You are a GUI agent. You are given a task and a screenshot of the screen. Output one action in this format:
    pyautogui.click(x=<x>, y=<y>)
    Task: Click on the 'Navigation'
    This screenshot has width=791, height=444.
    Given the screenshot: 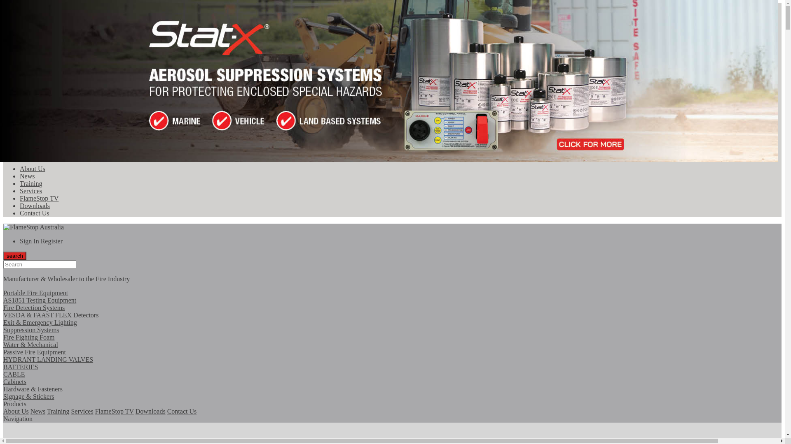 What is the action you would take?
    pyautogui.click(x=3, y=419)
    